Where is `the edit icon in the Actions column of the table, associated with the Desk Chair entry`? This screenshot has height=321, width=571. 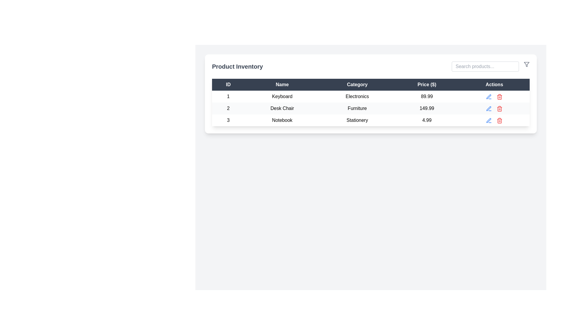
the edit icon in the Actions column of the table, associated with the Desk Chair entry is located at coordinates (489, 96).